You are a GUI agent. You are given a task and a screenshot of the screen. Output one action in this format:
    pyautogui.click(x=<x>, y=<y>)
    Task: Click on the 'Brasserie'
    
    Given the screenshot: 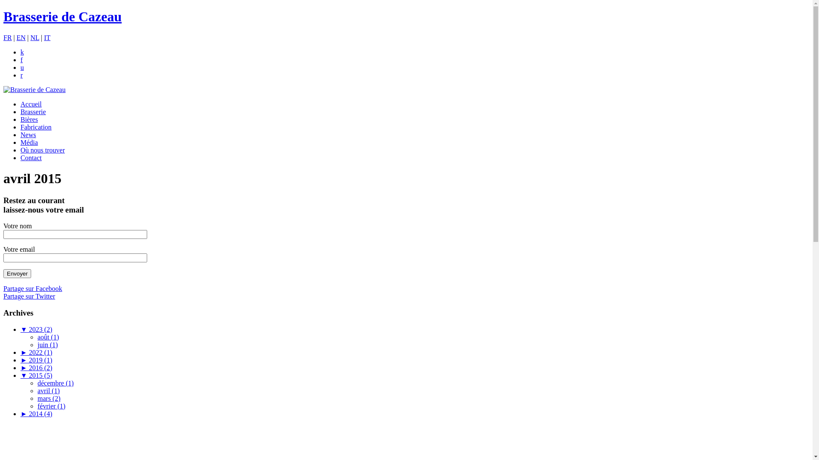 What is the action you would take?
    pyautogui.click(x=33, y=111)
    